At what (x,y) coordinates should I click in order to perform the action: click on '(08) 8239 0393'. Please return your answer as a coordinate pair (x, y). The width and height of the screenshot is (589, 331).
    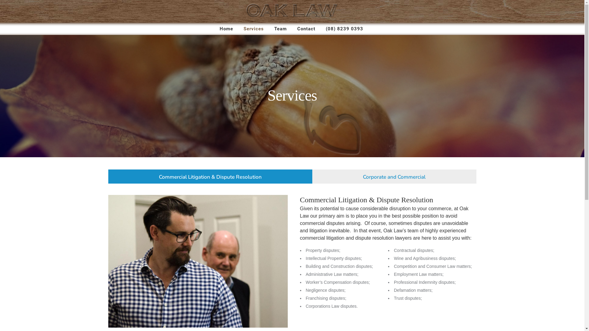
    Looking at the image, I should click on (345, 29).